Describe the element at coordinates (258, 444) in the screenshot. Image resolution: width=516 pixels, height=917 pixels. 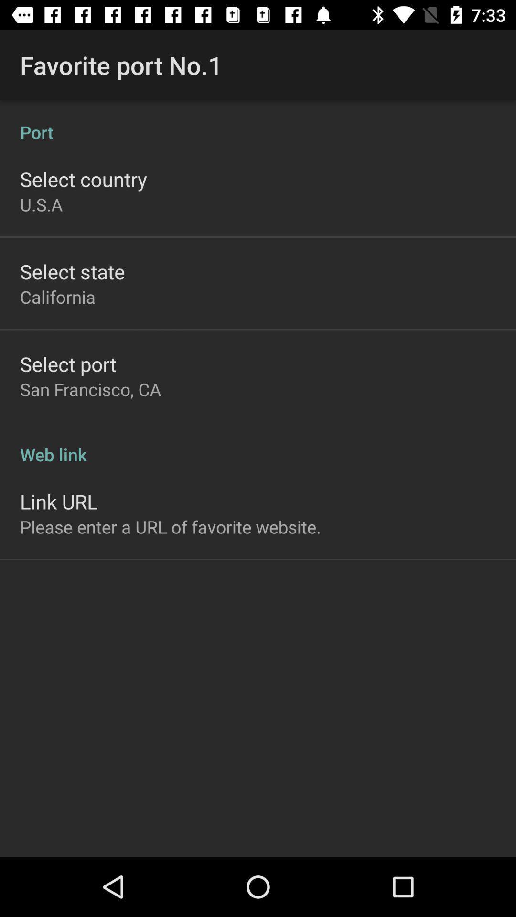
I see `the web link at the center` at that location.